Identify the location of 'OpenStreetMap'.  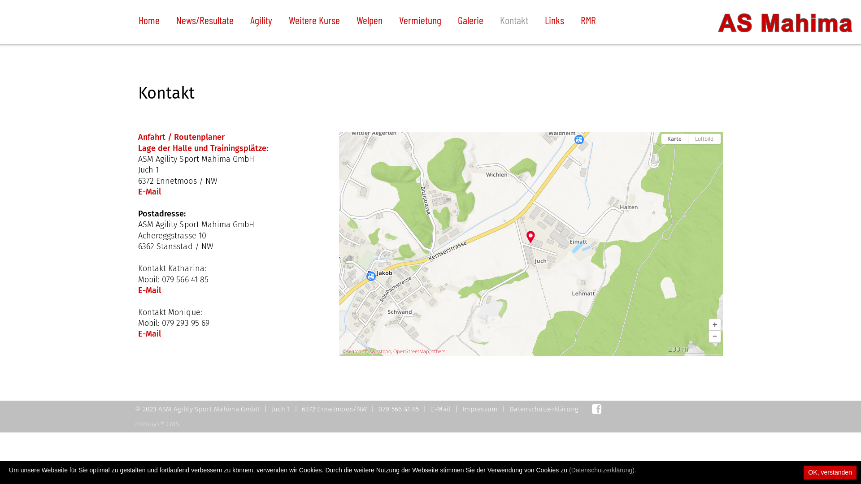
(410, 350).